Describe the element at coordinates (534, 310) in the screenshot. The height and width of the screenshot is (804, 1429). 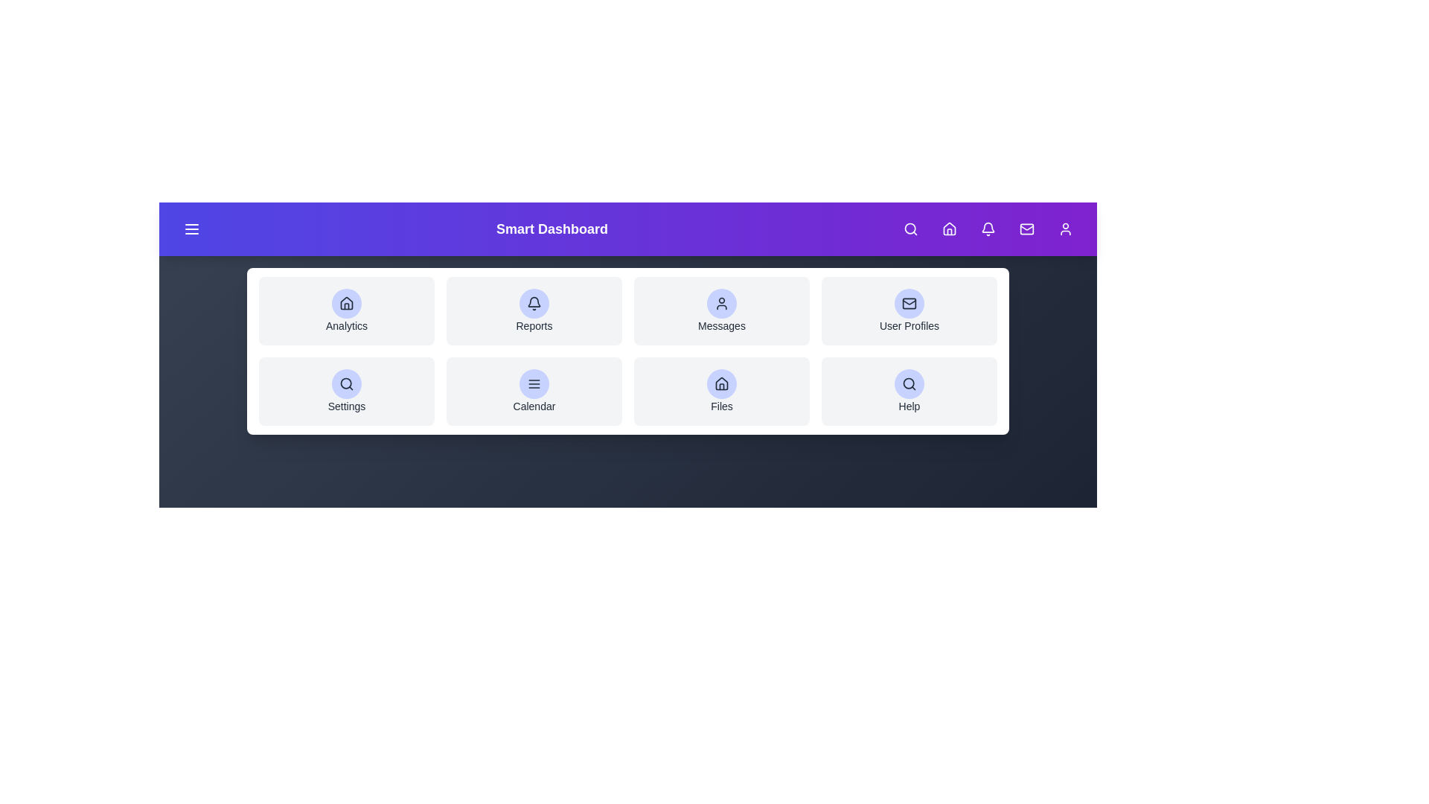
I see `the grid item labeled Reports` at that location.